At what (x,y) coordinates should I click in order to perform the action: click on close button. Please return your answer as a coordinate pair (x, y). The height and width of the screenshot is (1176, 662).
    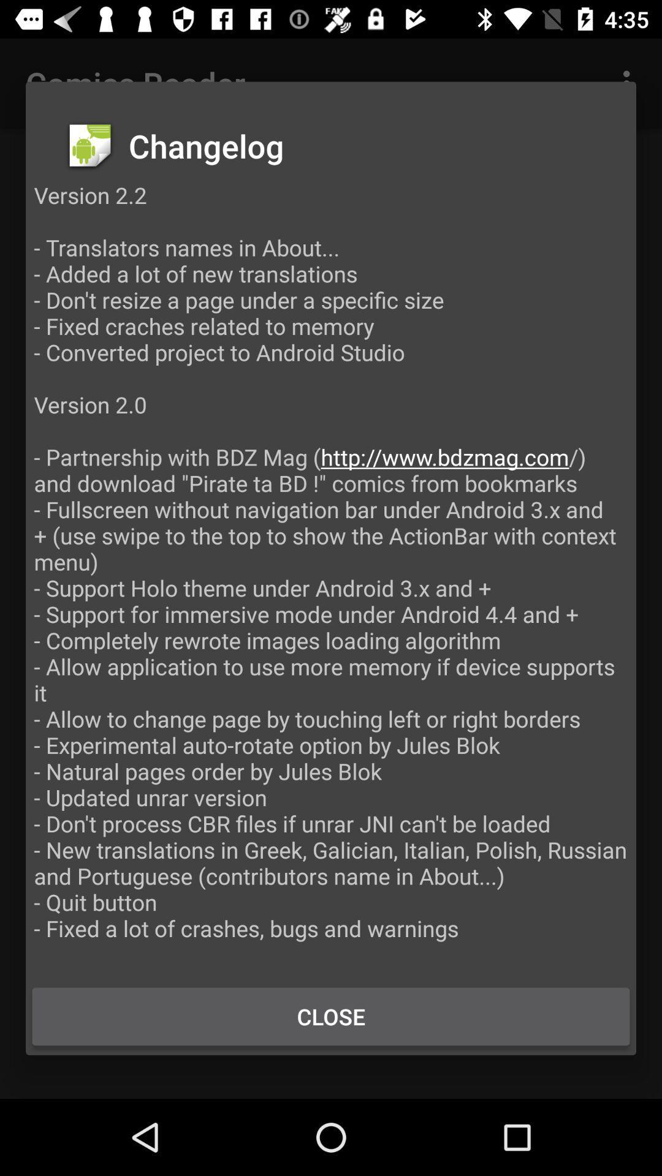
    Looking at the image, I should click on (331, 1016).